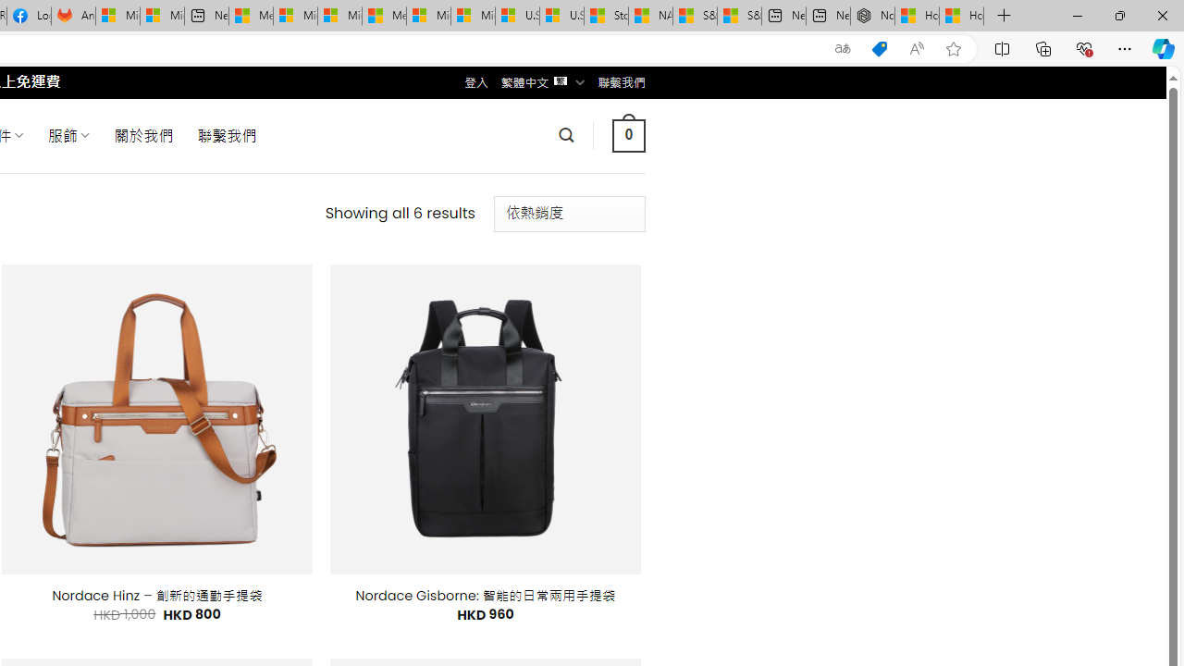 This screenshot has width=1184, height=666. What do you see at coordinates (738, 16) in the screenshot?
I see `'S&P 500, Nasdaq end lower, weighed by Nvidia dip | Watch'` at bounding box center [738, 16].